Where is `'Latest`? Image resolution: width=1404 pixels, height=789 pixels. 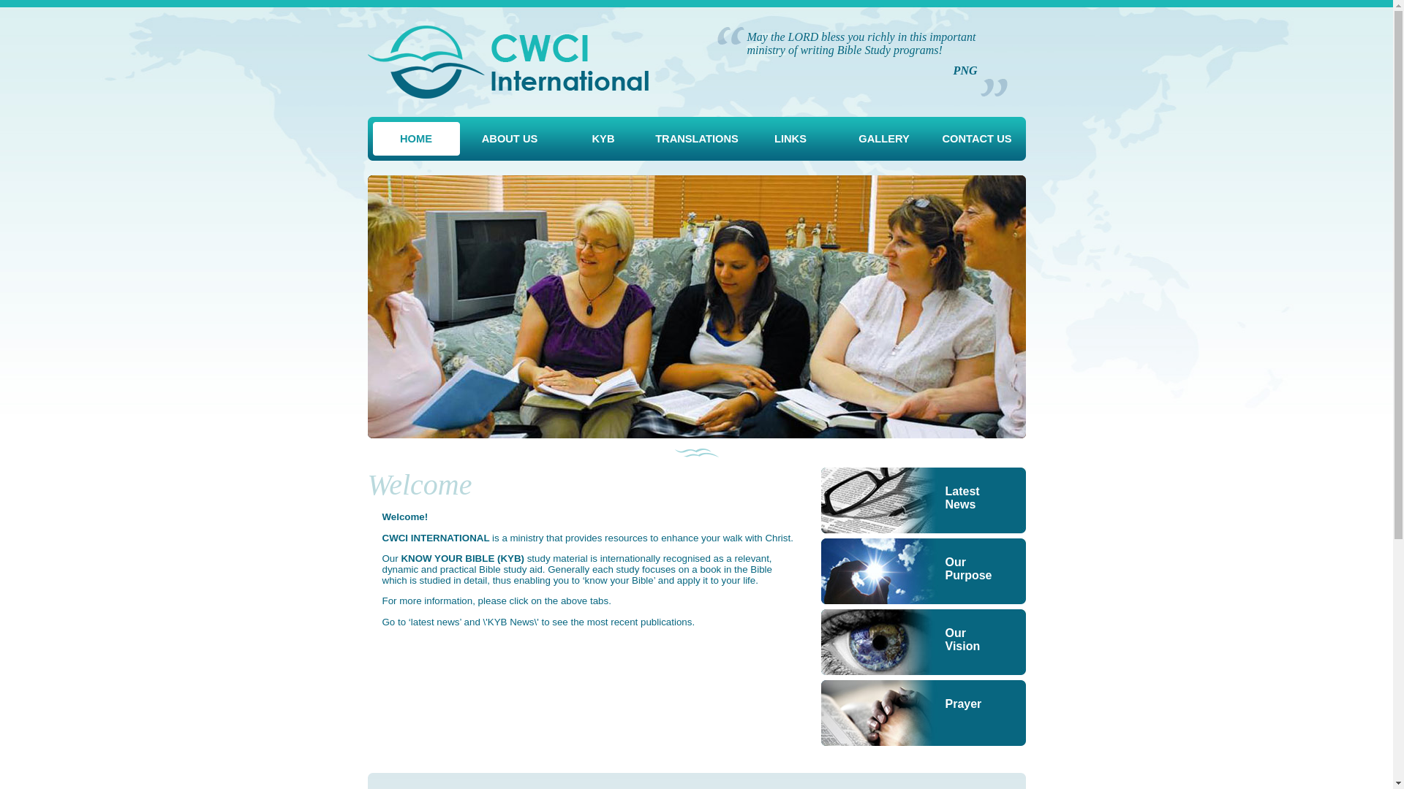
'Latest is located at coordinates (922, 500).